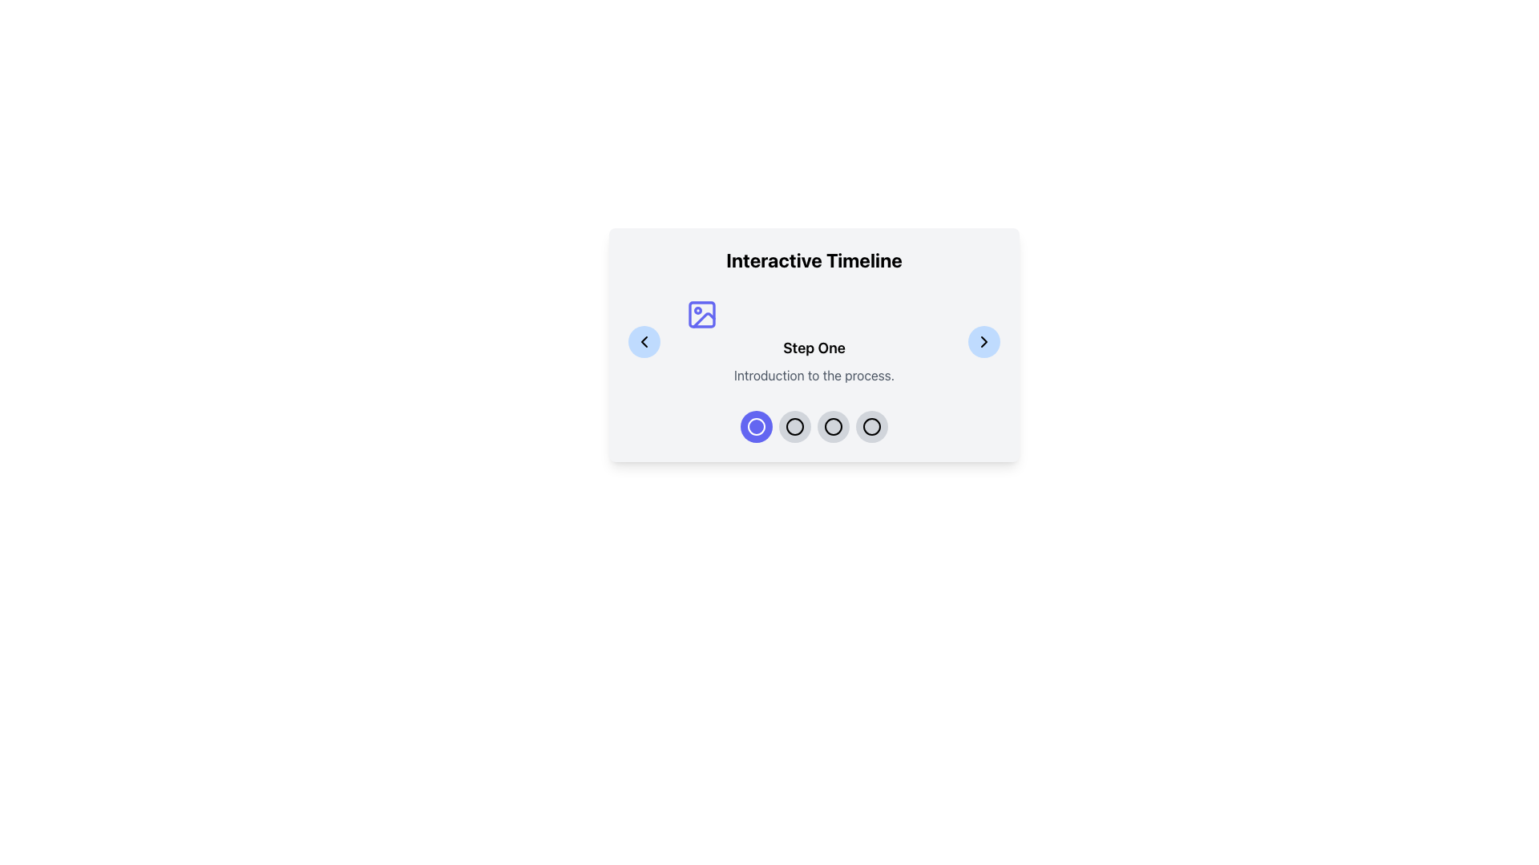  Describe the element at coordinates (834, 425) in the screenshot. I see `the graphical representation of the third circular SVG element from the left, located below the text 'Step One'` at that location.